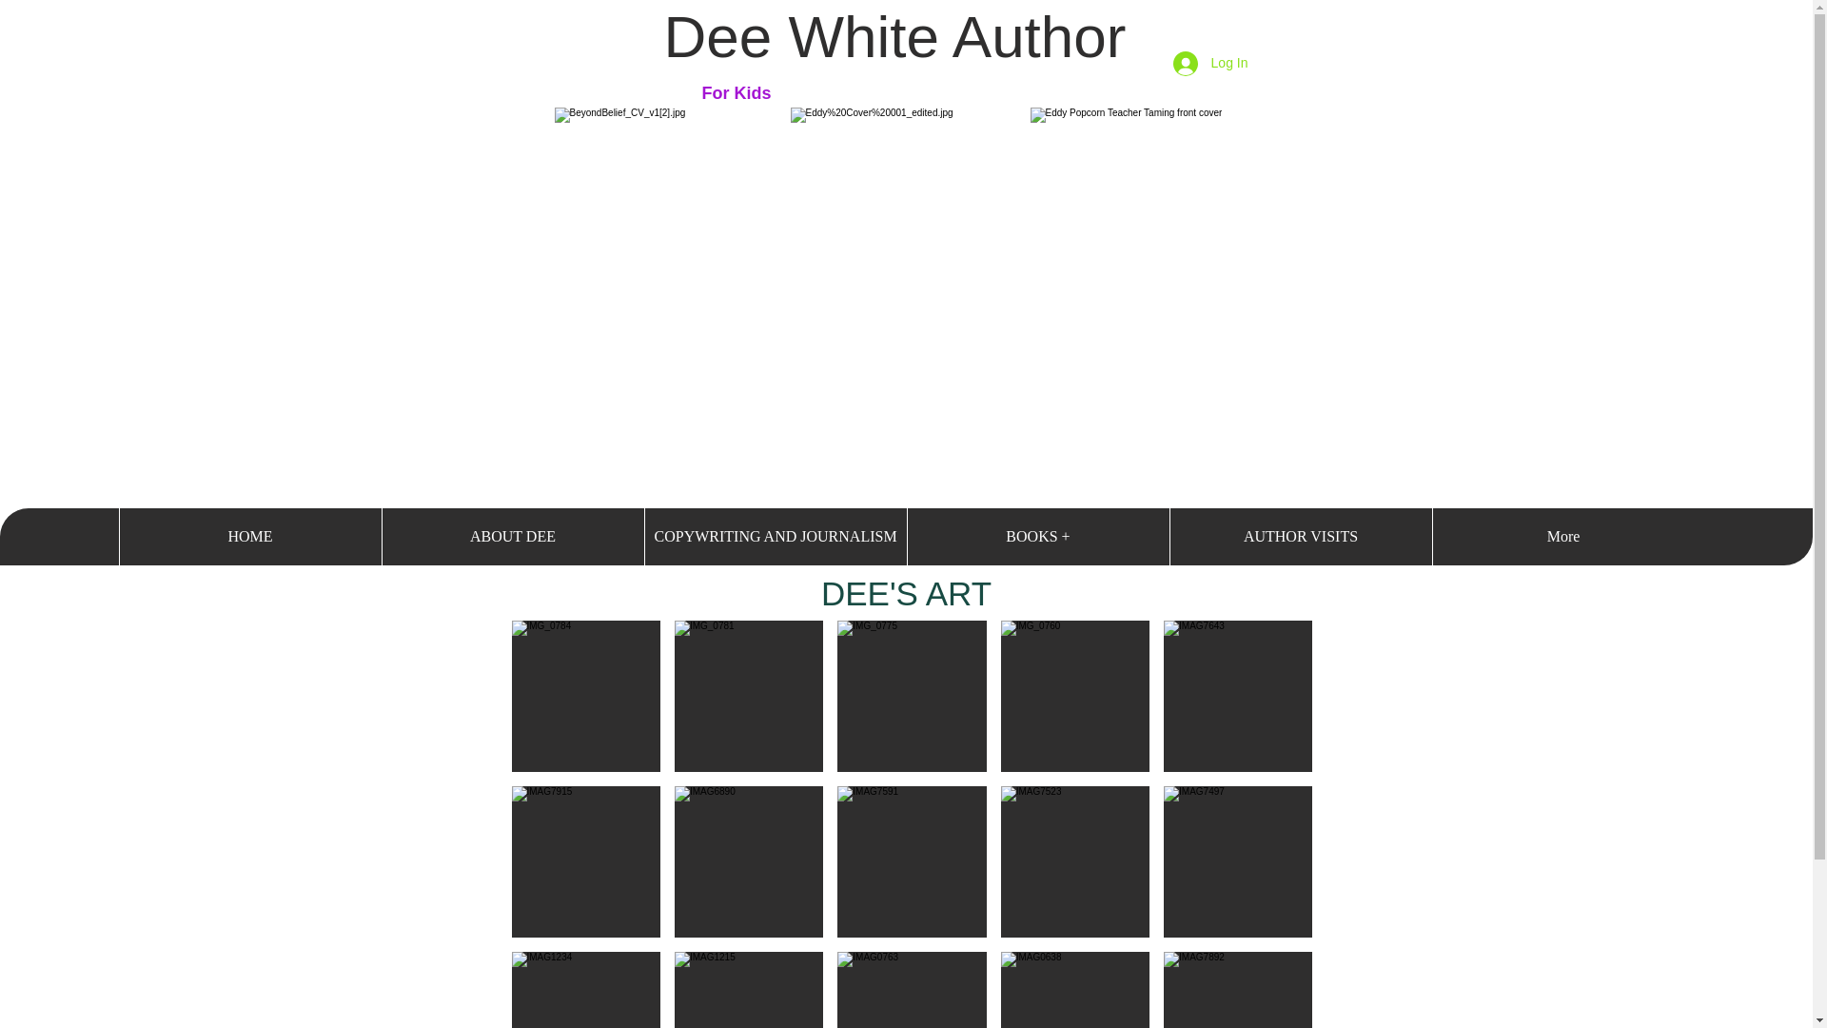 The height and width of the screenshot is (1028, 1827). Describe the element at coordinates (1209, 62) in the screenshot. I see `'Log In'` at that location.